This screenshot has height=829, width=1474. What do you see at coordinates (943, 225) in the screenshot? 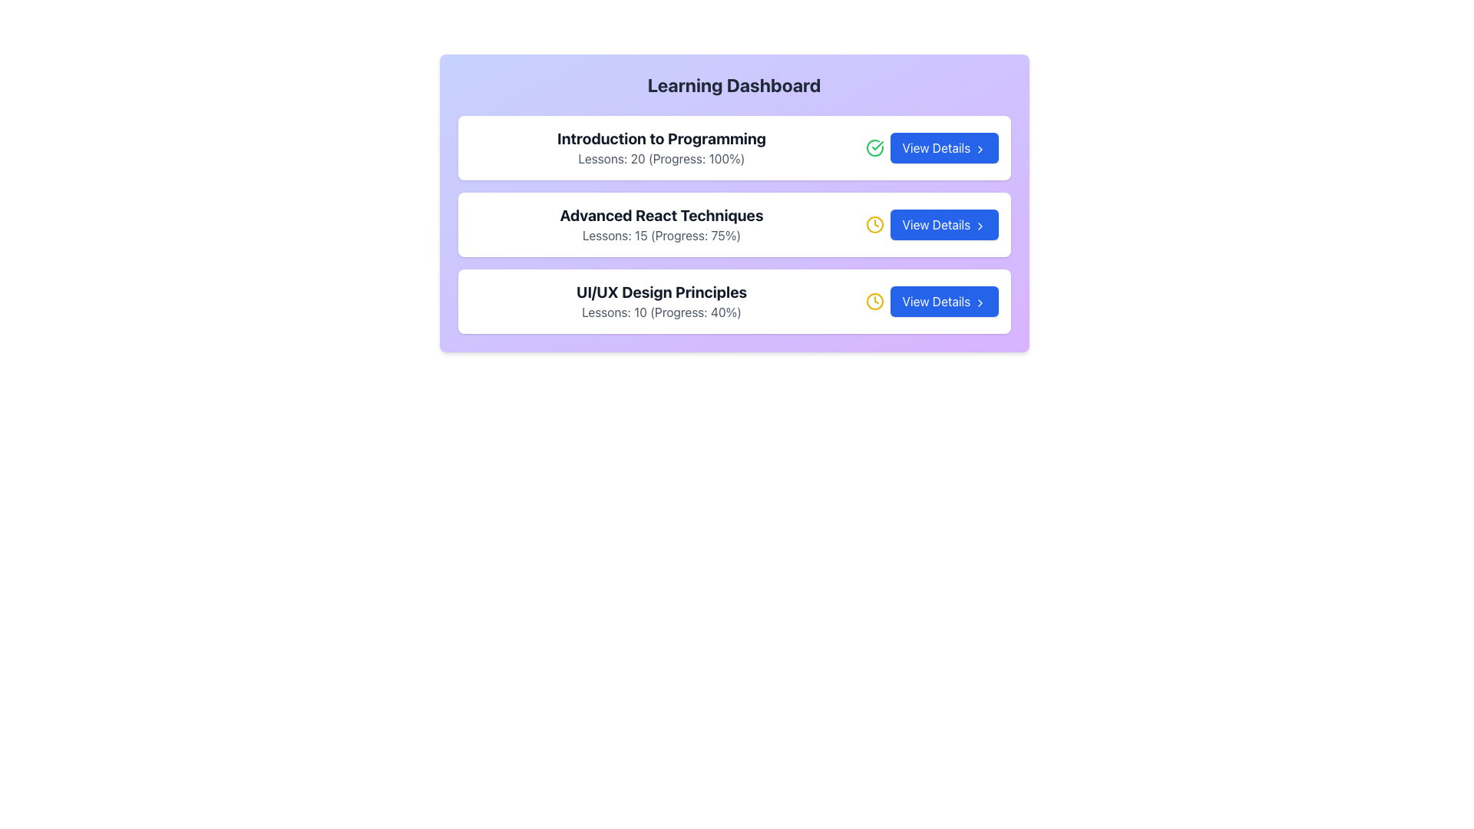
I see `the second button in the series of three buttons on the right side of the 'Advanced React Techniques' row` at bounding box center [943, 225].